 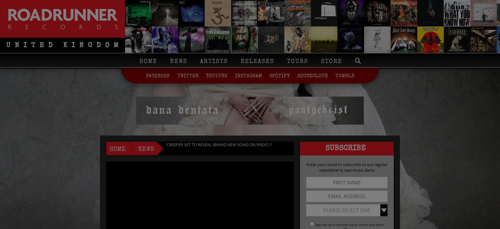 I want to click on 'News', so click(x=178, y=62).